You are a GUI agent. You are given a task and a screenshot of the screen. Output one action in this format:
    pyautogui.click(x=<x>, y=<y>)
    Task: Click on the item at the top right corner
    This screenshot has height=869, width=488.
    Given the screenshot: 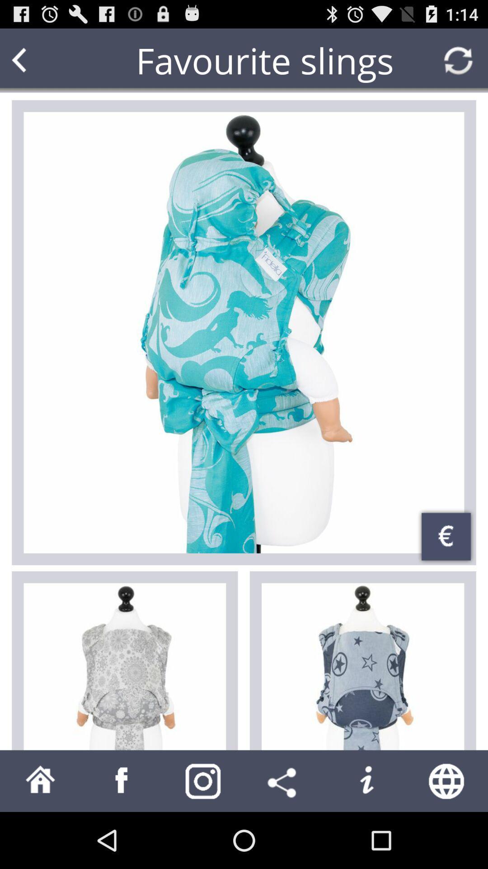 What is the action you would take?
    pyautogui.click(x=458, y=60)
    